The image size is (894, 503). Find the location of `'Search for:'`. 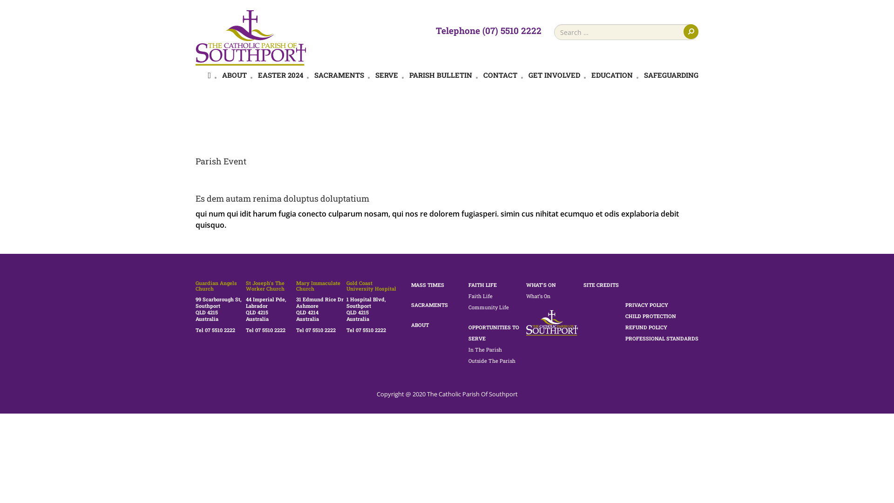

'Search for:' is located at coordinates (626, 32).